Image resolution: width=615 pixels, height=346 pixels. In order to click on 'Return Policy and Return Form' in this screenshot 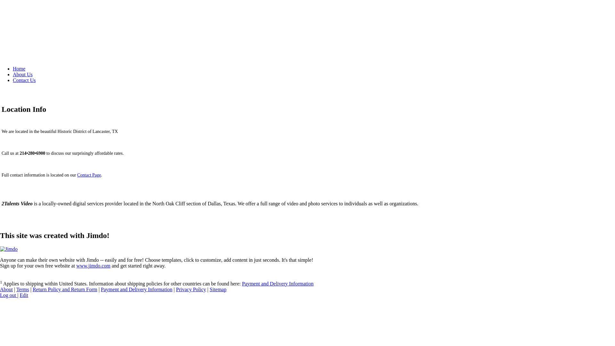, I will do `click(65, 289)`.